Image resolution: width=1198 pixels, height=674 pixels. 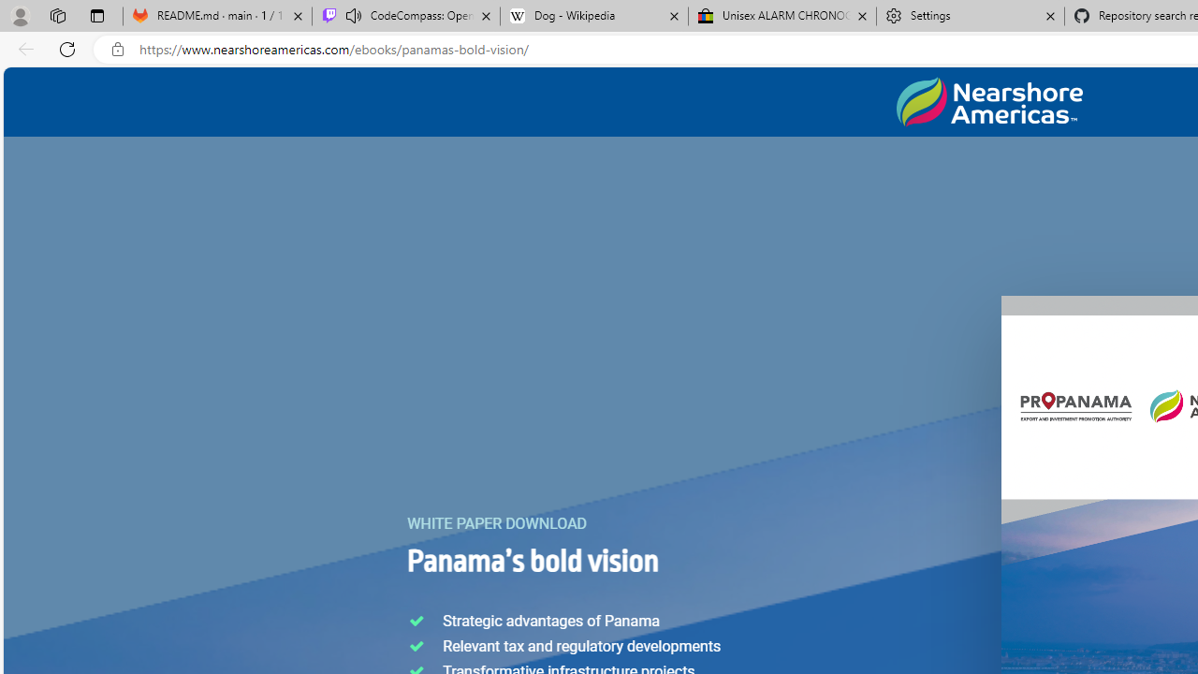 I want to click on 'Dog - Wikipedia', so click(x=592, y=16).